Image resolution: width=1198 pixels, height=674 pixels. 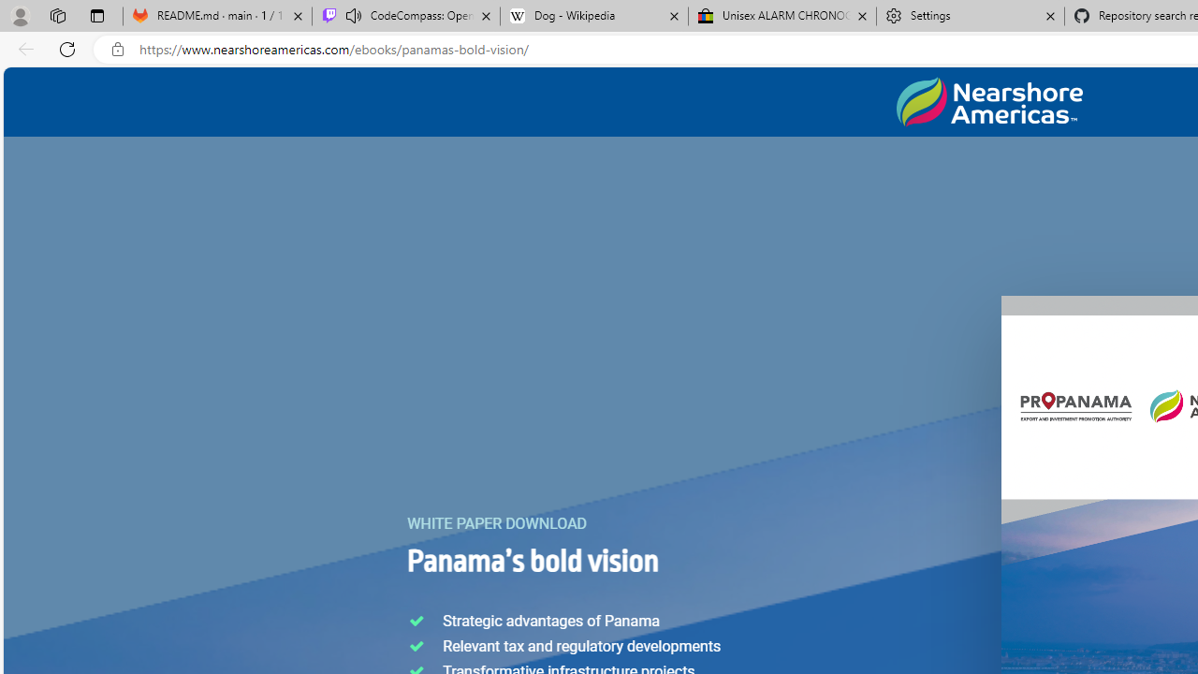 I want to click on 'Dog - Wikipedia', so click(x=592, y=16).